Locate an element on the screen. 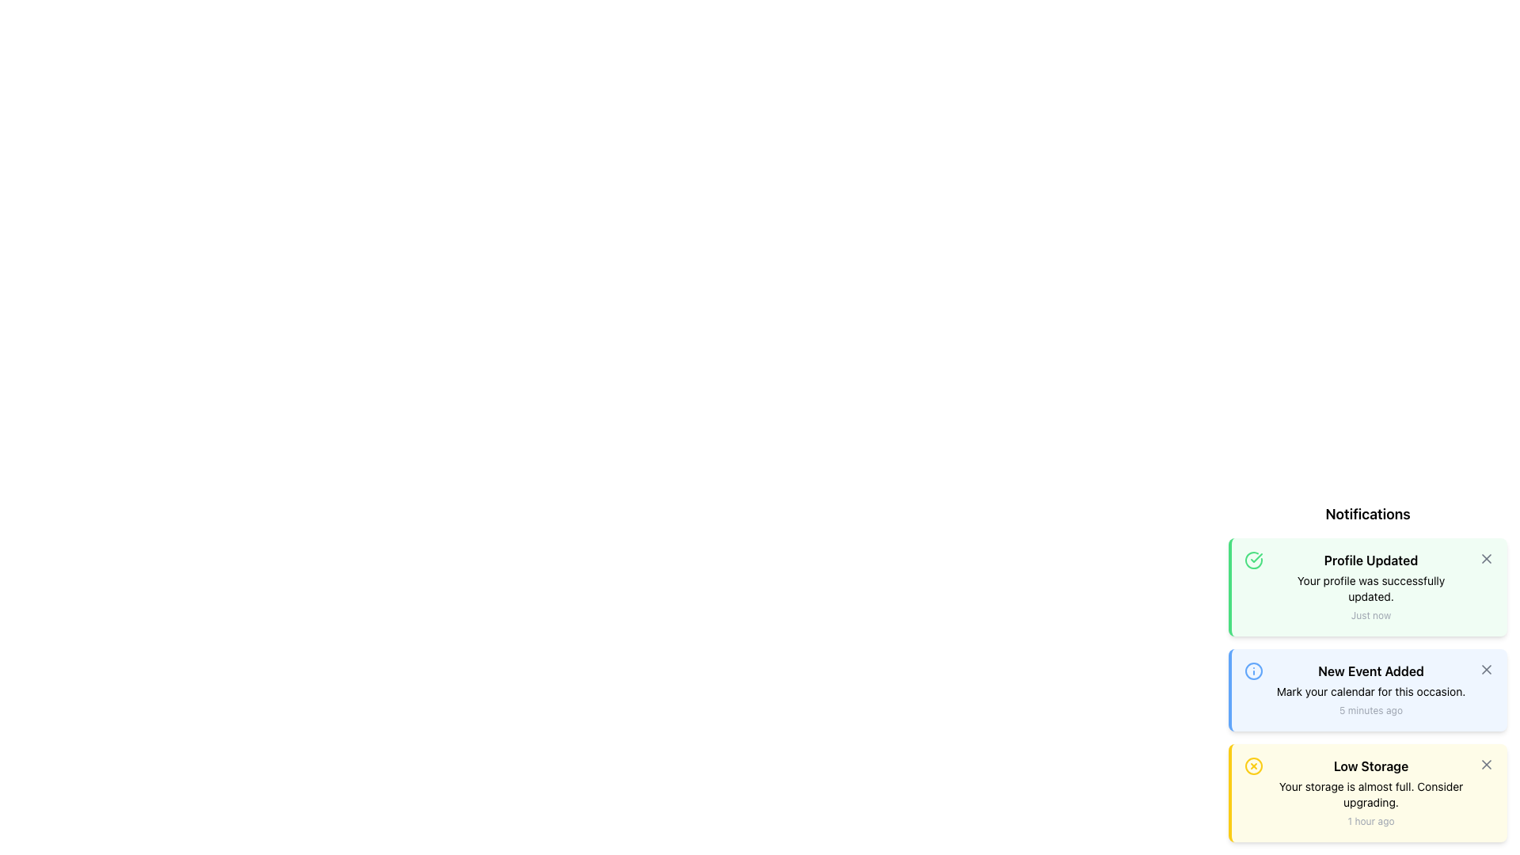  the circle element which is part of the notification icon in the second notification card titled 'New Event Added' is located at coordinates (1253, 671).